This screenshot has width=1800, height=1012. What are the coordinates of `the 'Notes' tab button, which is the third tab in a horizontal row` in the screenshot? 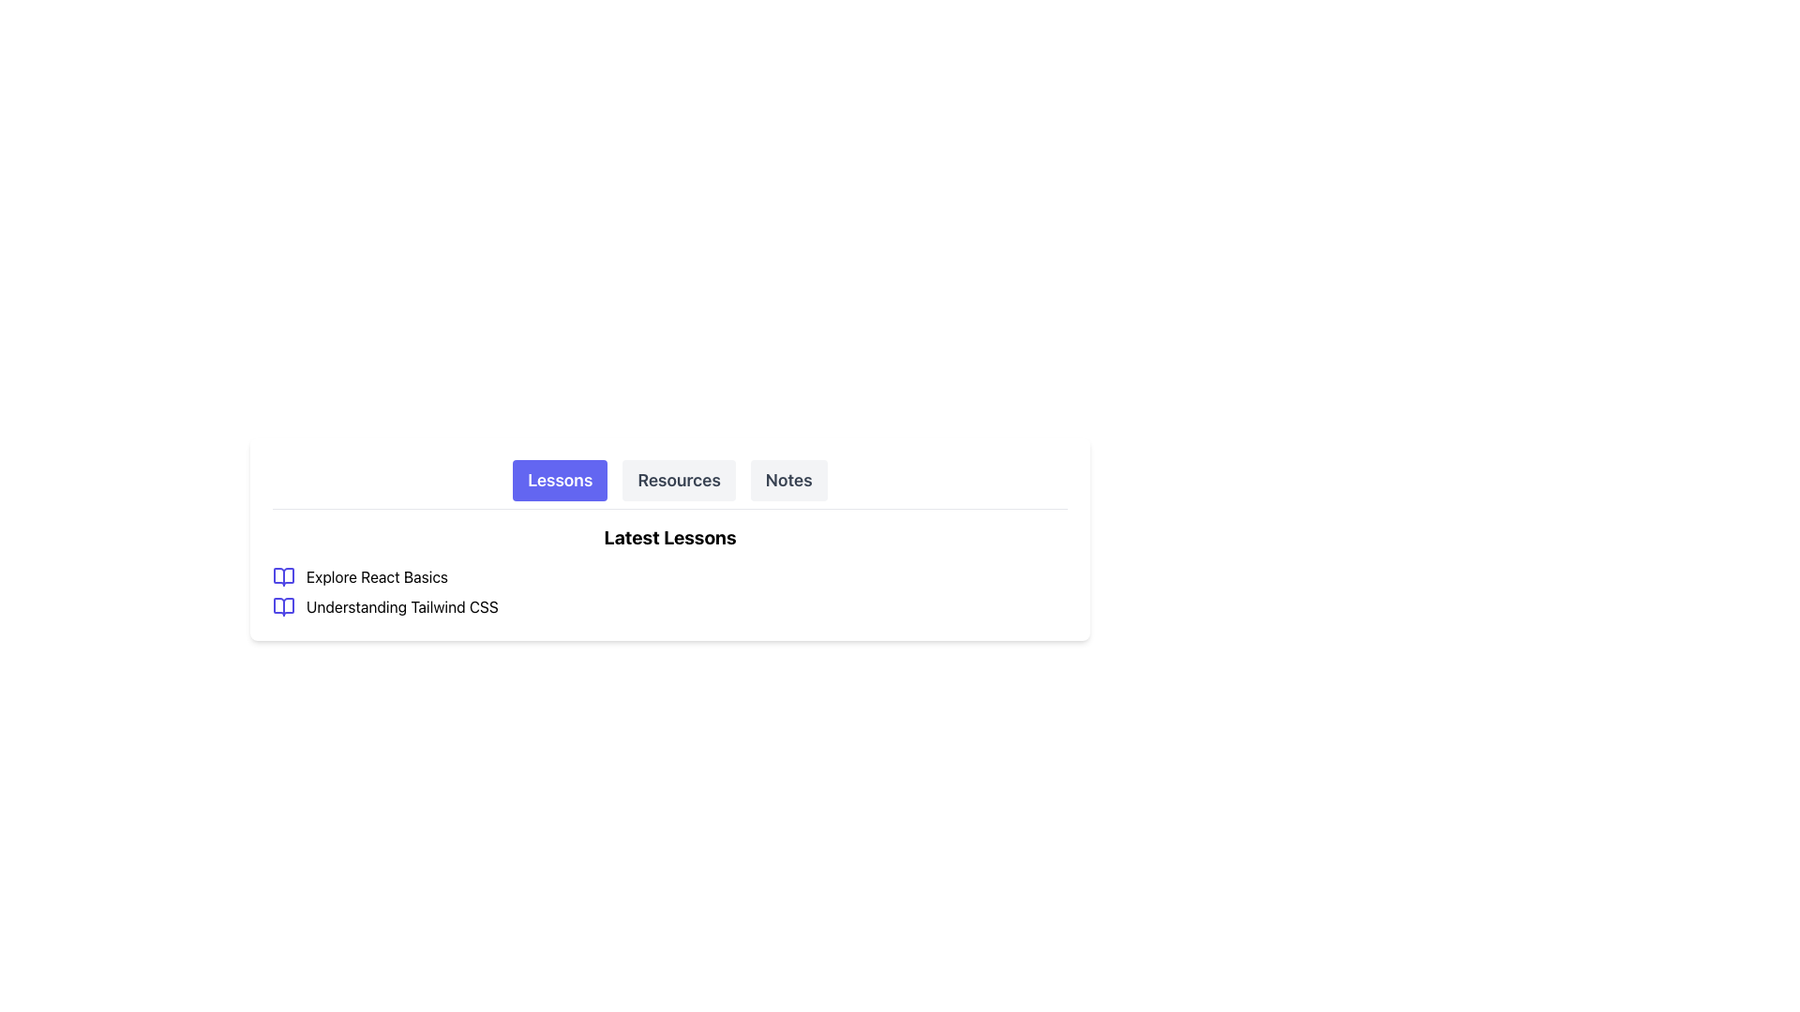 It's located at (788, 480).